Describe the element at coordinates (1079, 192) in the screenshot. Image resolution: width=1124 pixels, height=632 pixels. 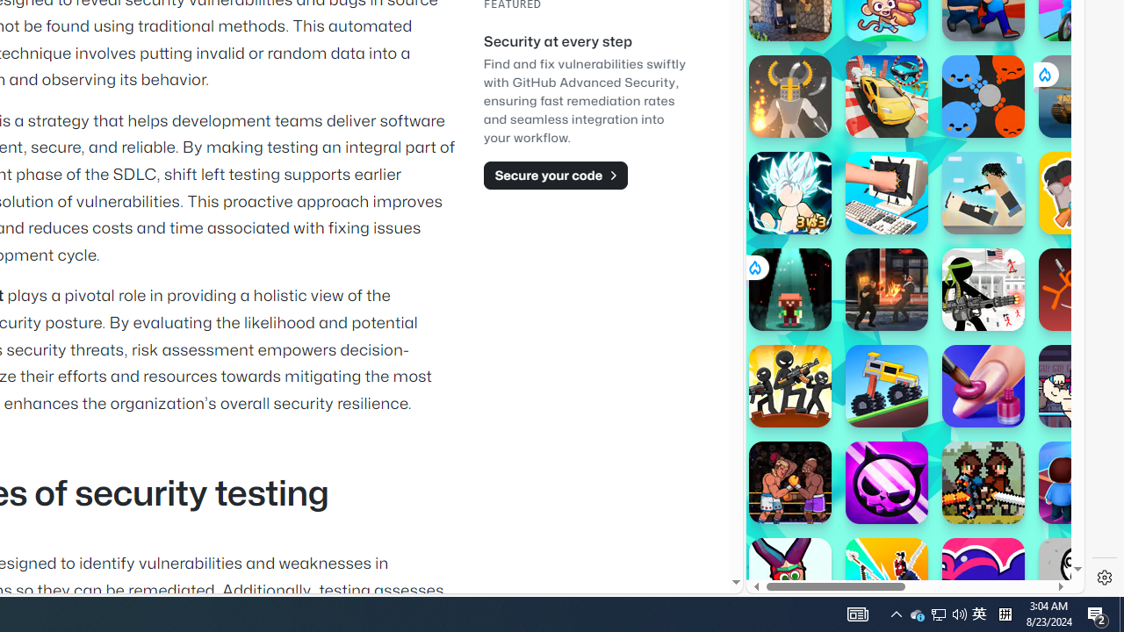
I see `'Bacon May Die'` at that location.